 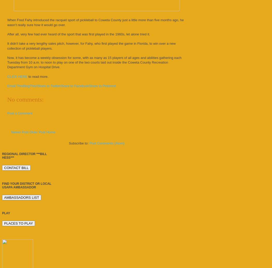 I want to click on 'When Fred Fahy introduced the racquet sport of pickleball to Coweta County just a little more than five months ago, he wasn’t really sure how it would go over.', so click(x=95, y=22).